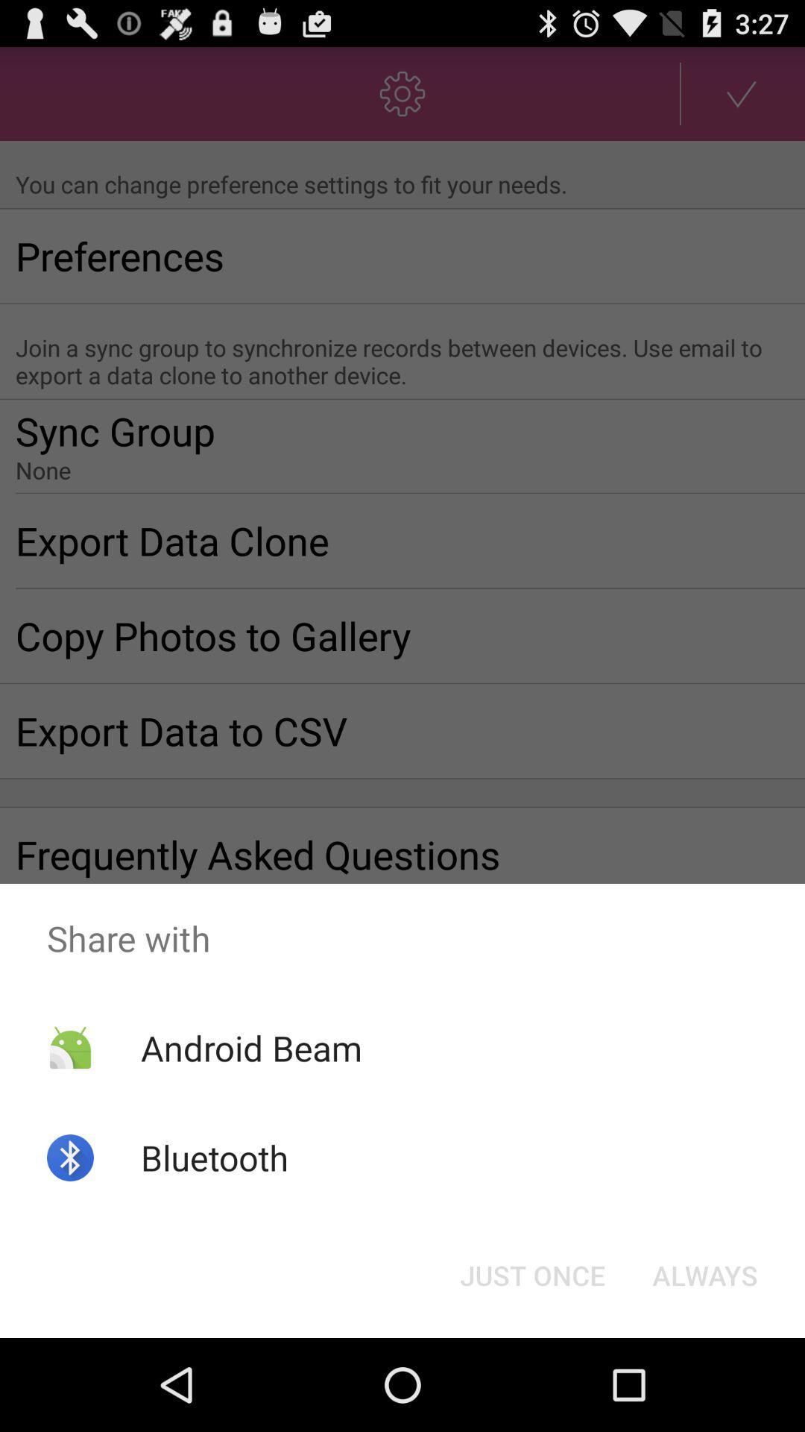 Image resolution: width=805 pixels, height=1432 pixels. I want to click on the item next to the always icon, so click(531, 1274).